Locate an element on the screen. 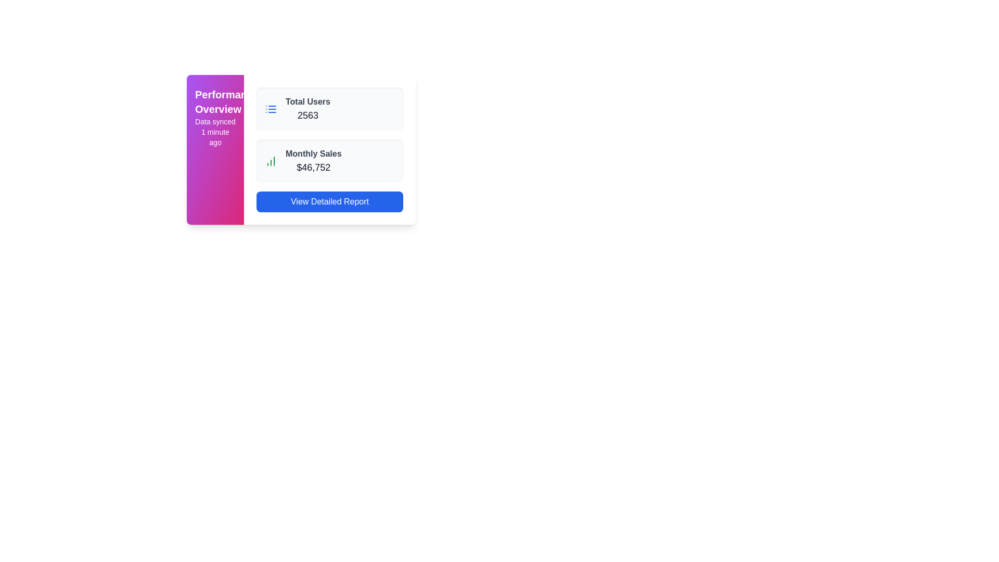 The height and width of the screenshot is (562, 999). the Static Text Display showing the value "$46,752" in bold, large dark gray font, located in the "Monthly Sales" section is located at coordinates (313, 167).